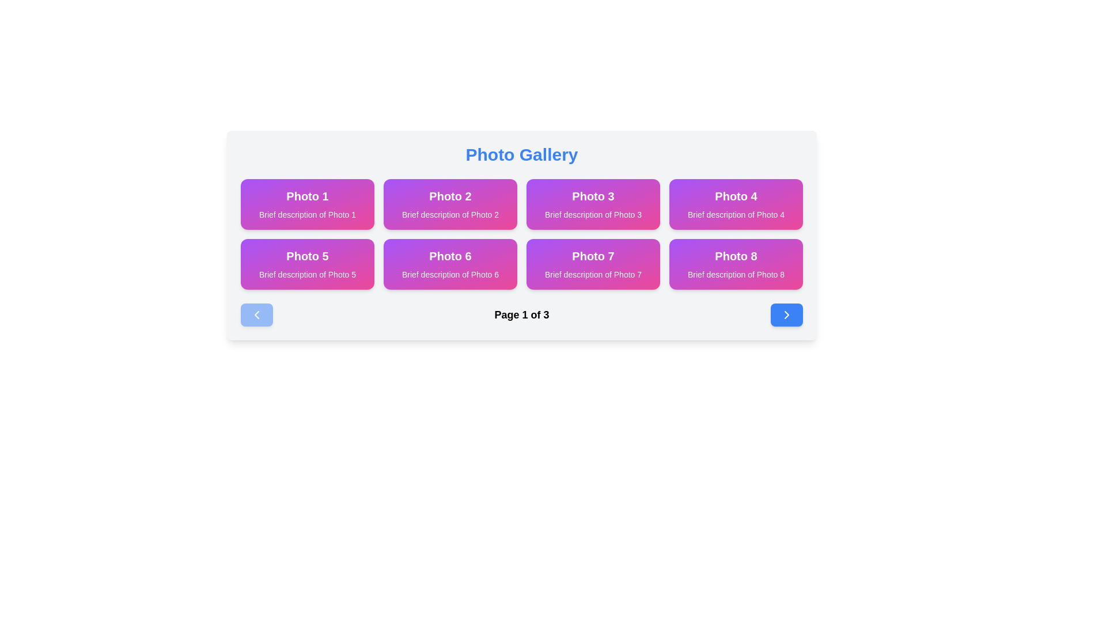 The width and height of the screenshot is (1106, 622). Describe the element at coordinates (450, 203) in the screenshot. I see `the rectangular card labeled 'Photo 2' with a gradient background transitioning from purple to pink, which contains the text 'Photo 2' in bold white font and 'Brief description of Photo 2' below it` at that location.